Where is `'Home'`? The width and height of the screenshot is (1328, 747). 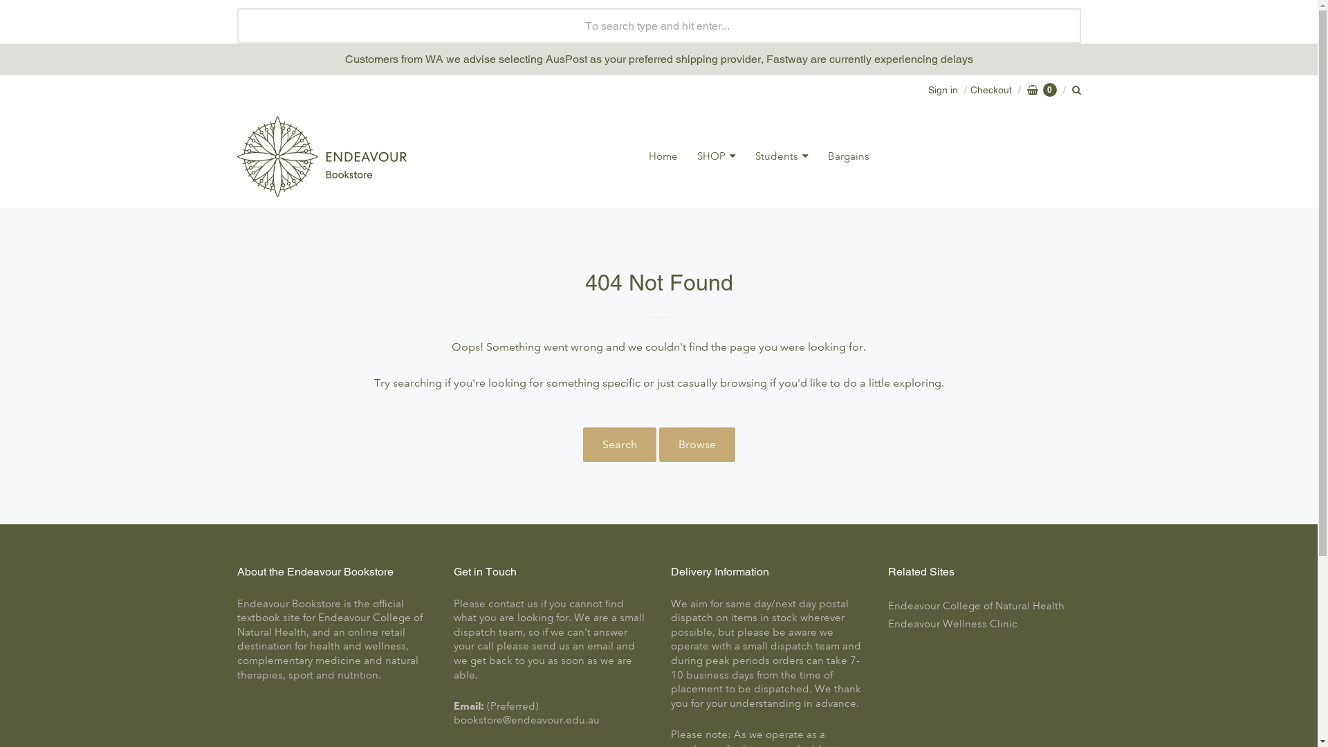 'Home' is located at coordinates (663, 156).